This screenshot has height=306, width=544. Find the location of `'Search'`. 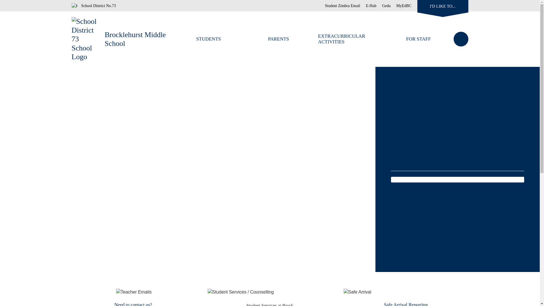

'Search' is located at coordinates (461, 39).